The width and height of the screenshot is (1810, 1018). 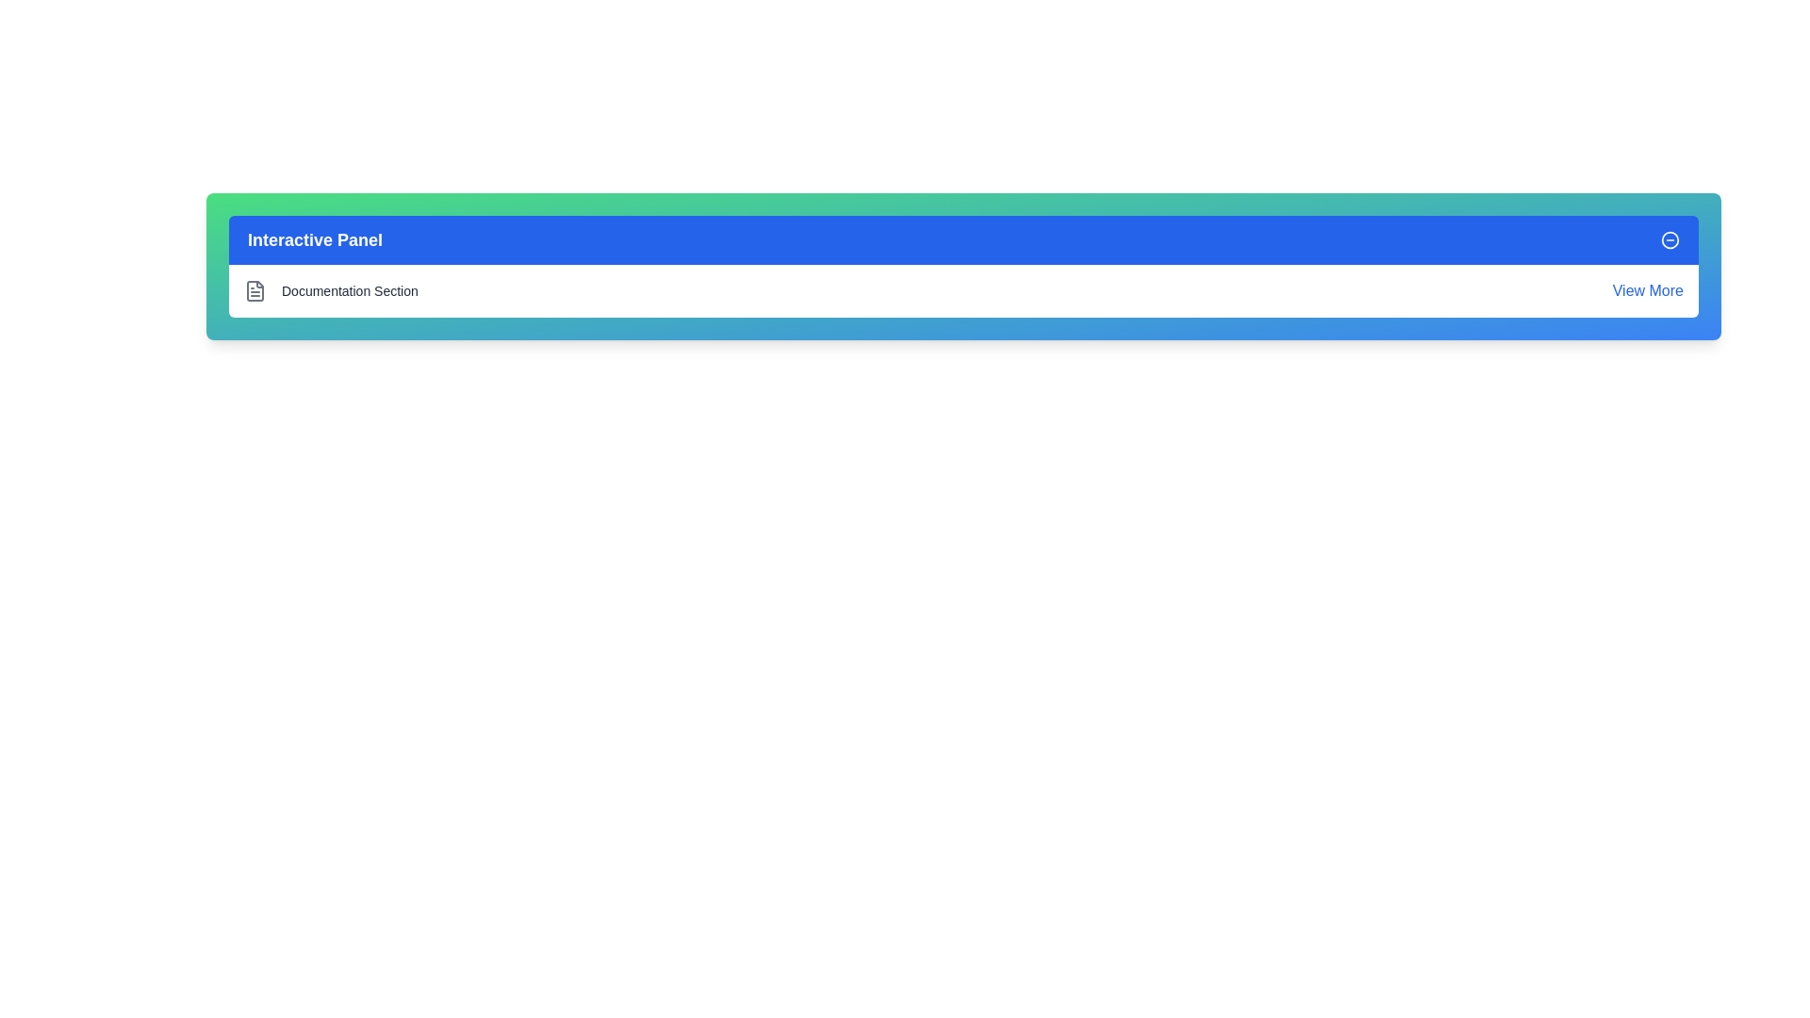 I want to click on the non-interactive text label that indicates the name or category of a section, located in the middle portion of the interface, preceded by an icon on its left, so click(x=350, y=290).